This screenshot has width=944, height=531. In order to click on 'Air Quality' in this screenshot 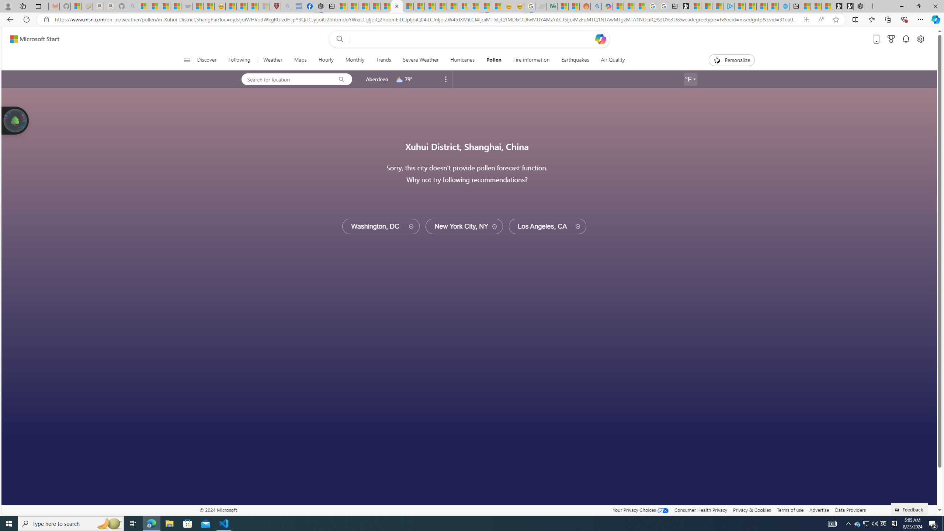, I will do `click(609, 60)`.